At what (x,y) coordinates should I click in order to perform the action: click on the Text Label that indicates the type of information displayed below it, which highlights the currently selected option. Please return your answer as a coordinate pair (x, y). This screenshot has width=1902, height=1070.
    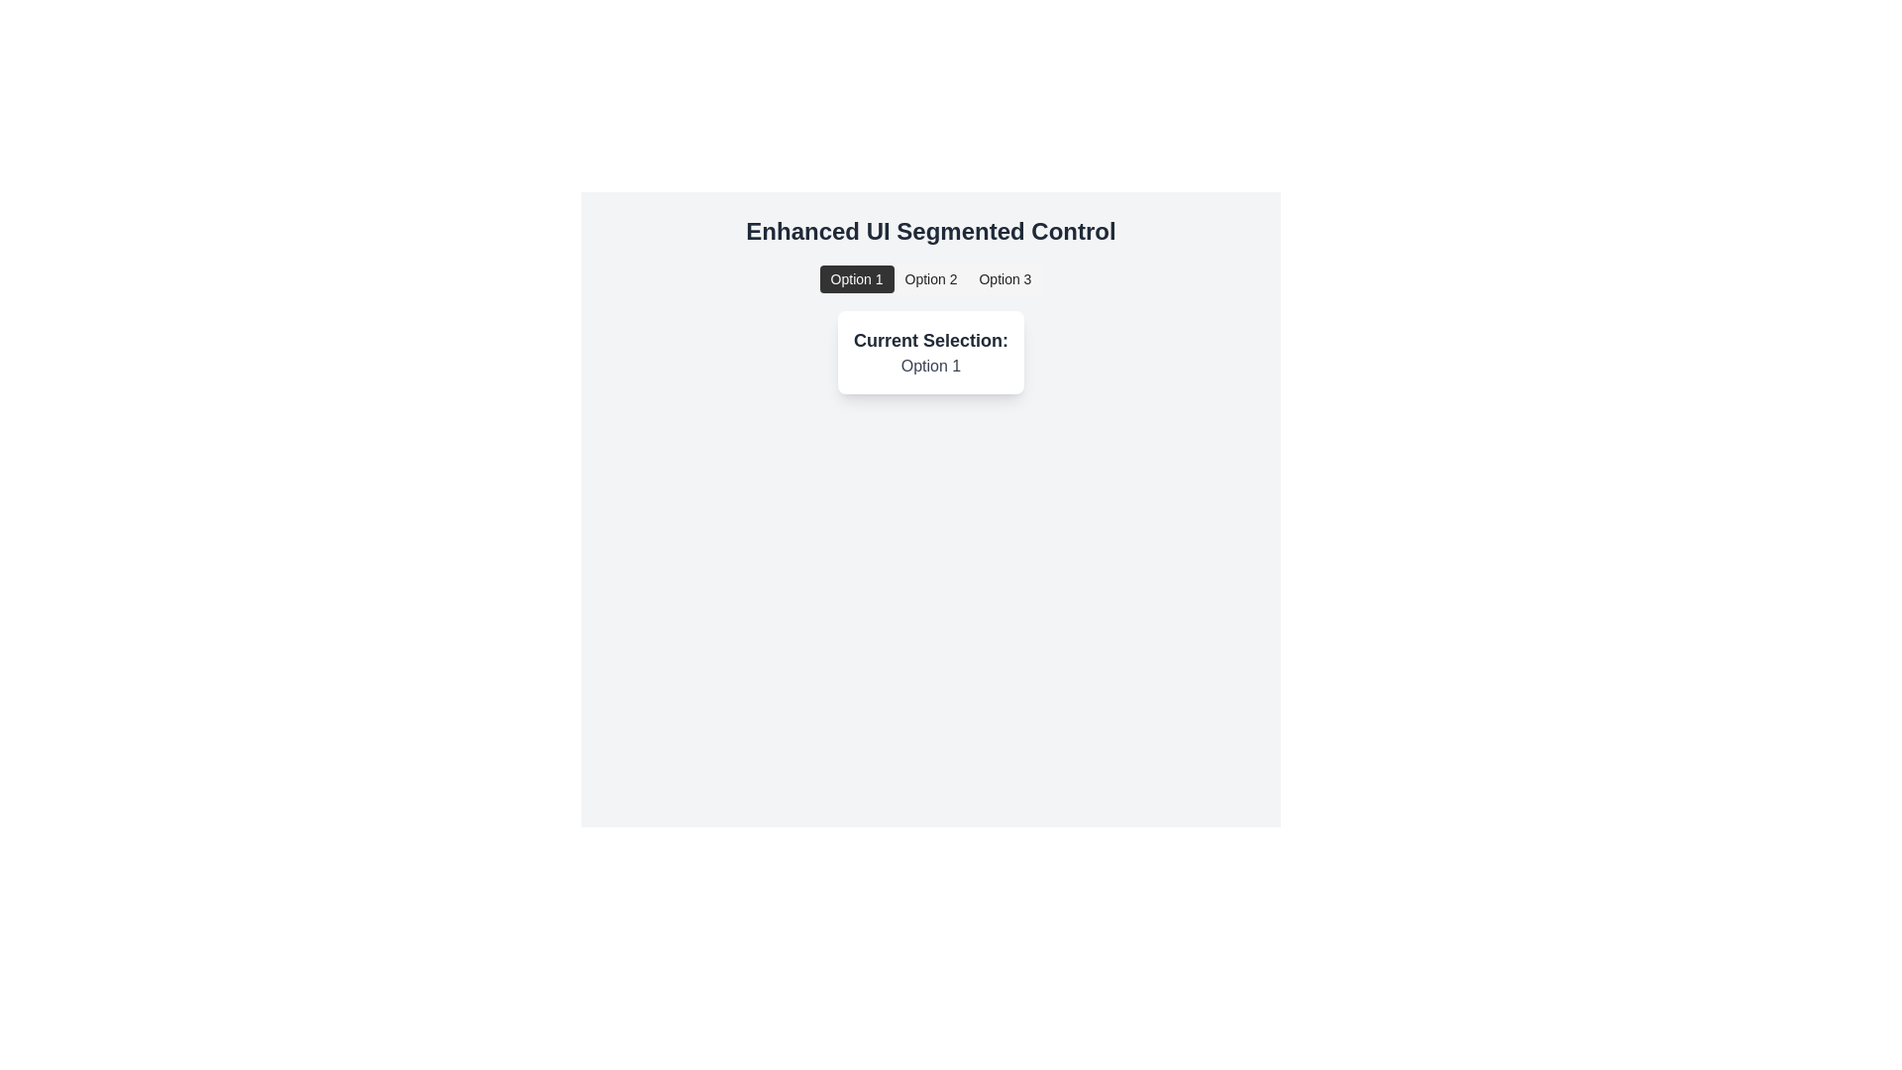
    Looking at the image, I should click on (930, 339).